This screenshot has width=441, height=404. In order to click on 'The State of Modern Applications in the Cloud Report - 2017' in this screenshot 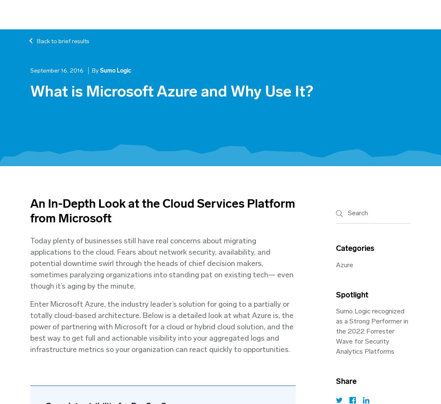, I will do `click(45, 300)`.